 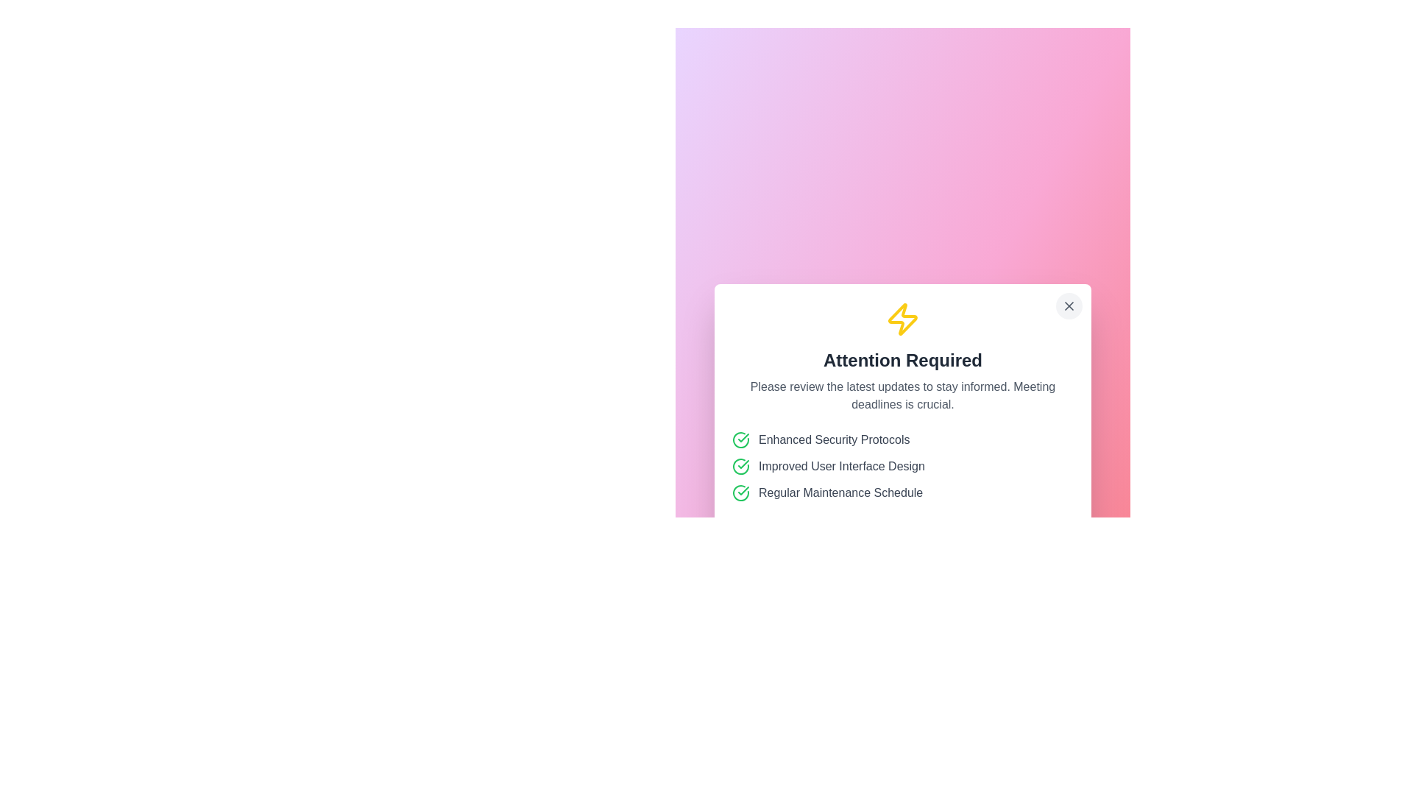 What do you see at coordinates (902, 319) in the screenshot?
I see `the yellow lightning bolt icon with a bold, rounded outline, located at the center-top of the modal dialog above the 'Attention Required' heading` at bounding box center [902, 319].